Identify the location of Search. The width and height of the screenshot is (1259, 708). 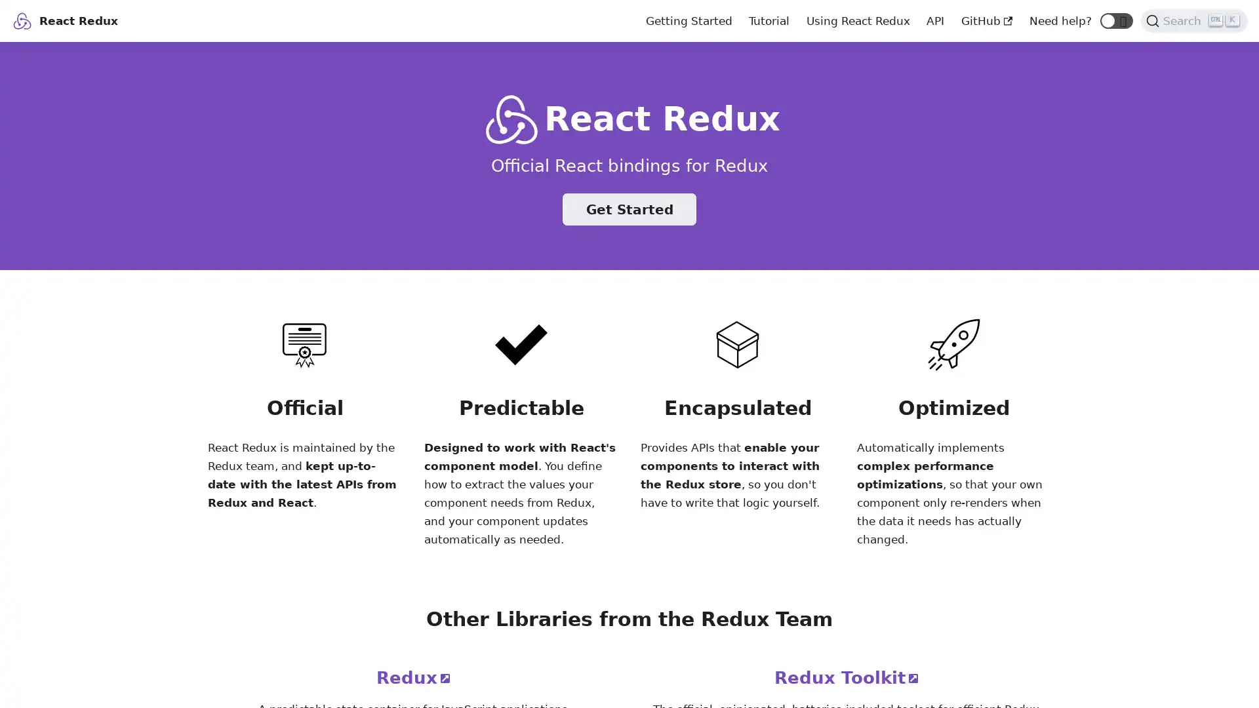
(1194, 20).